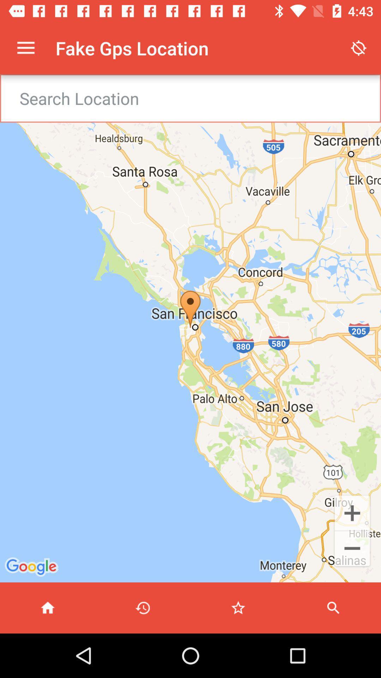 The image size is (381, 678). What do you see at coordinates (48, 607) in the screenshot?
I see `home screen` at bounding box center [48, 607].